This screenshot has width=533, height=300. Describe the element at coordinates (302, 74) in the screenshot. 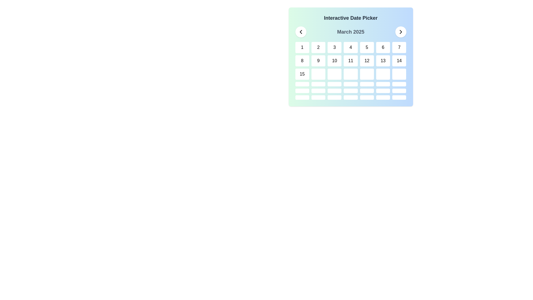

I see `the button representing the date '15'` at that location.